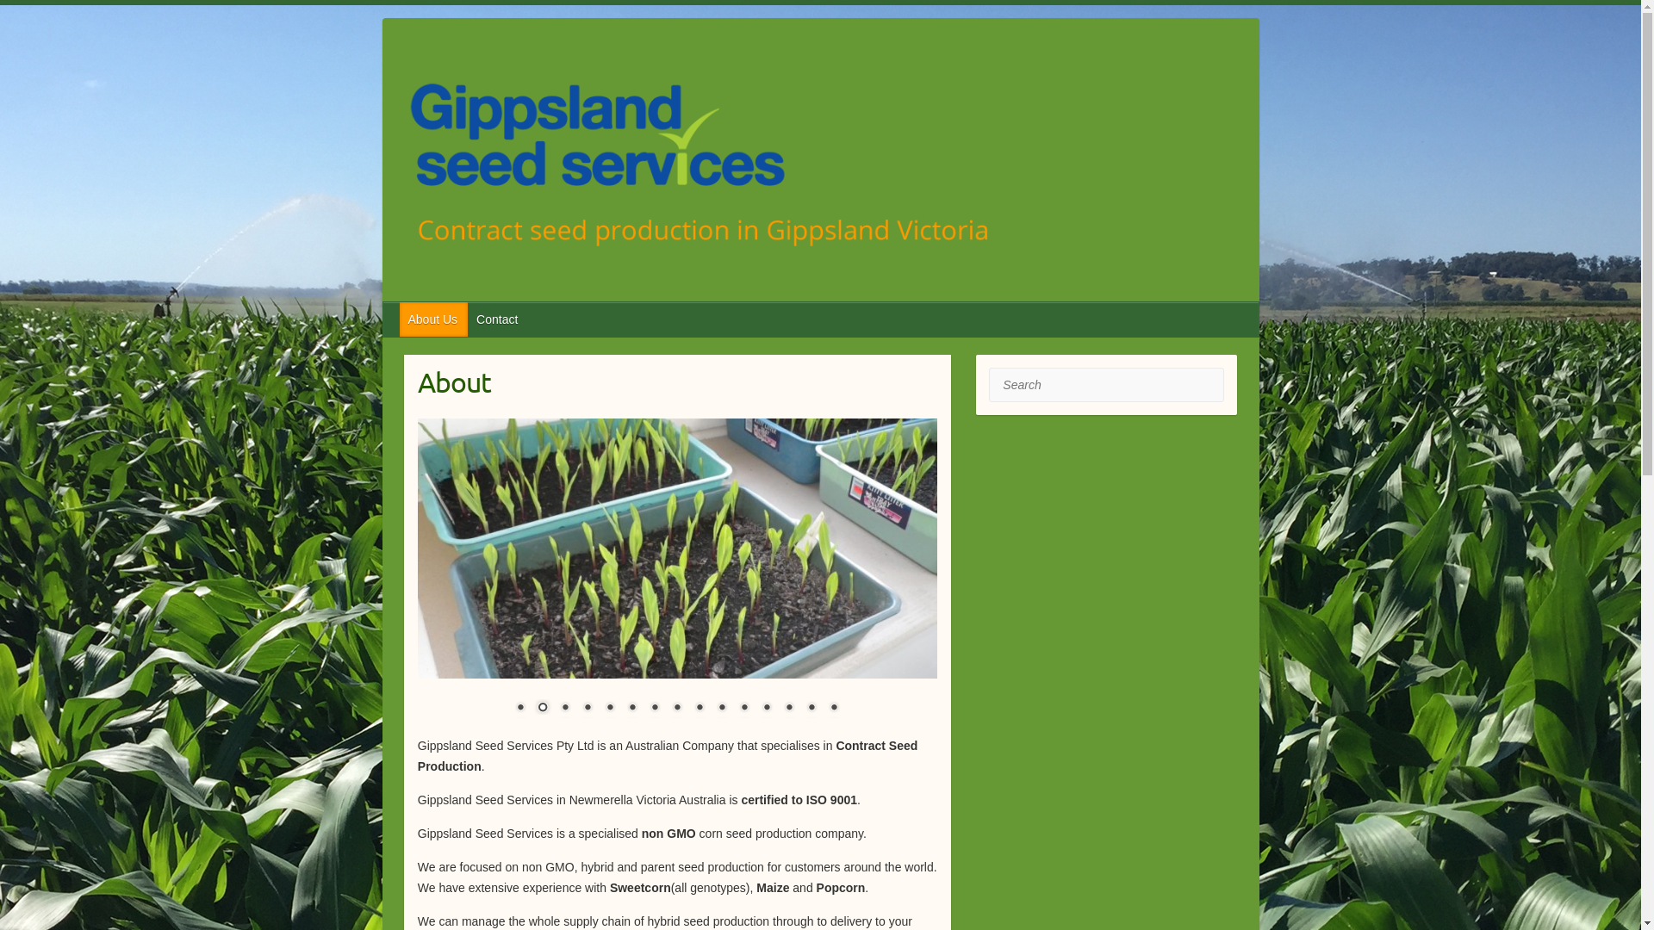 The image size is (1654, 930). Describe the element at coordinates (622, 708) in the screenshot. I see `'6'` at that location.